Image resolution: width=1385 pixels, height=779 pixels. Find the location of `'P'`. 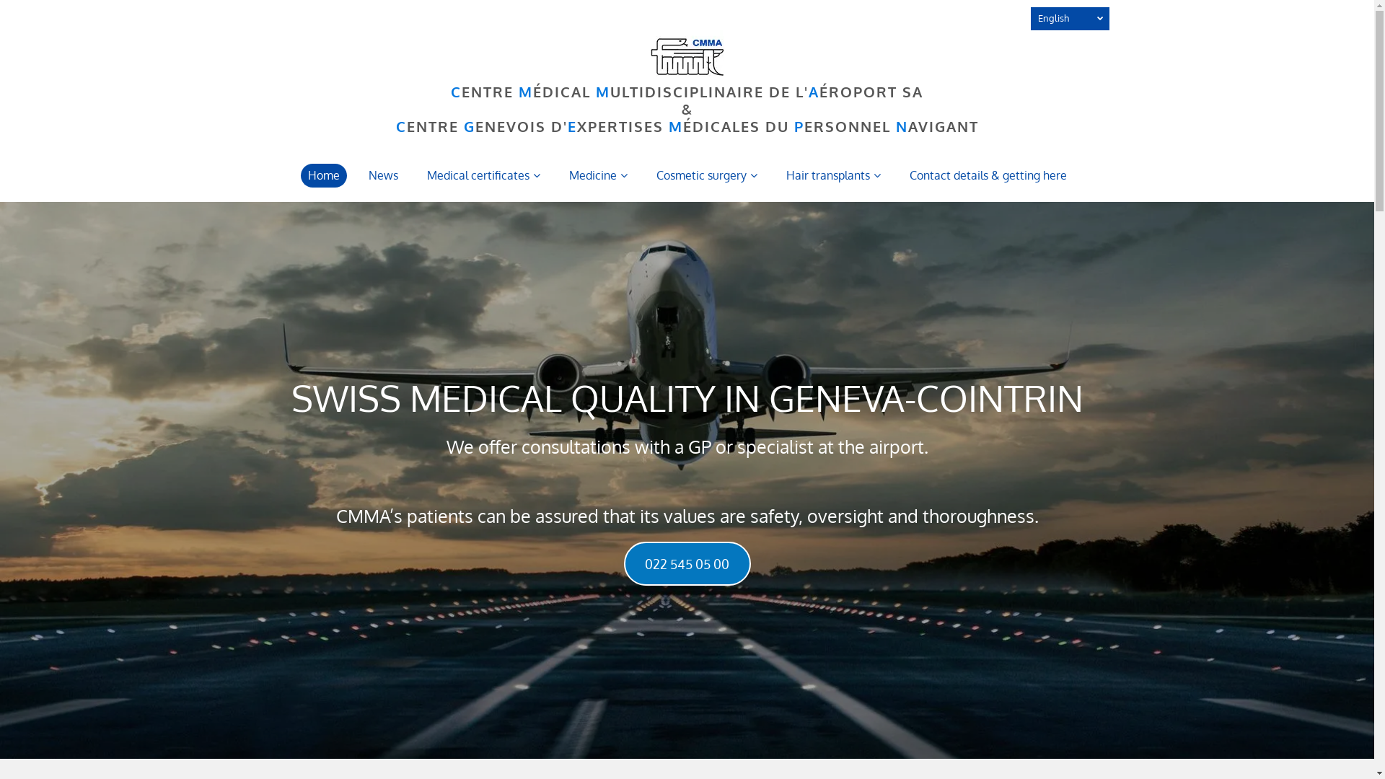

'P' is located at coordinates (798, 125).